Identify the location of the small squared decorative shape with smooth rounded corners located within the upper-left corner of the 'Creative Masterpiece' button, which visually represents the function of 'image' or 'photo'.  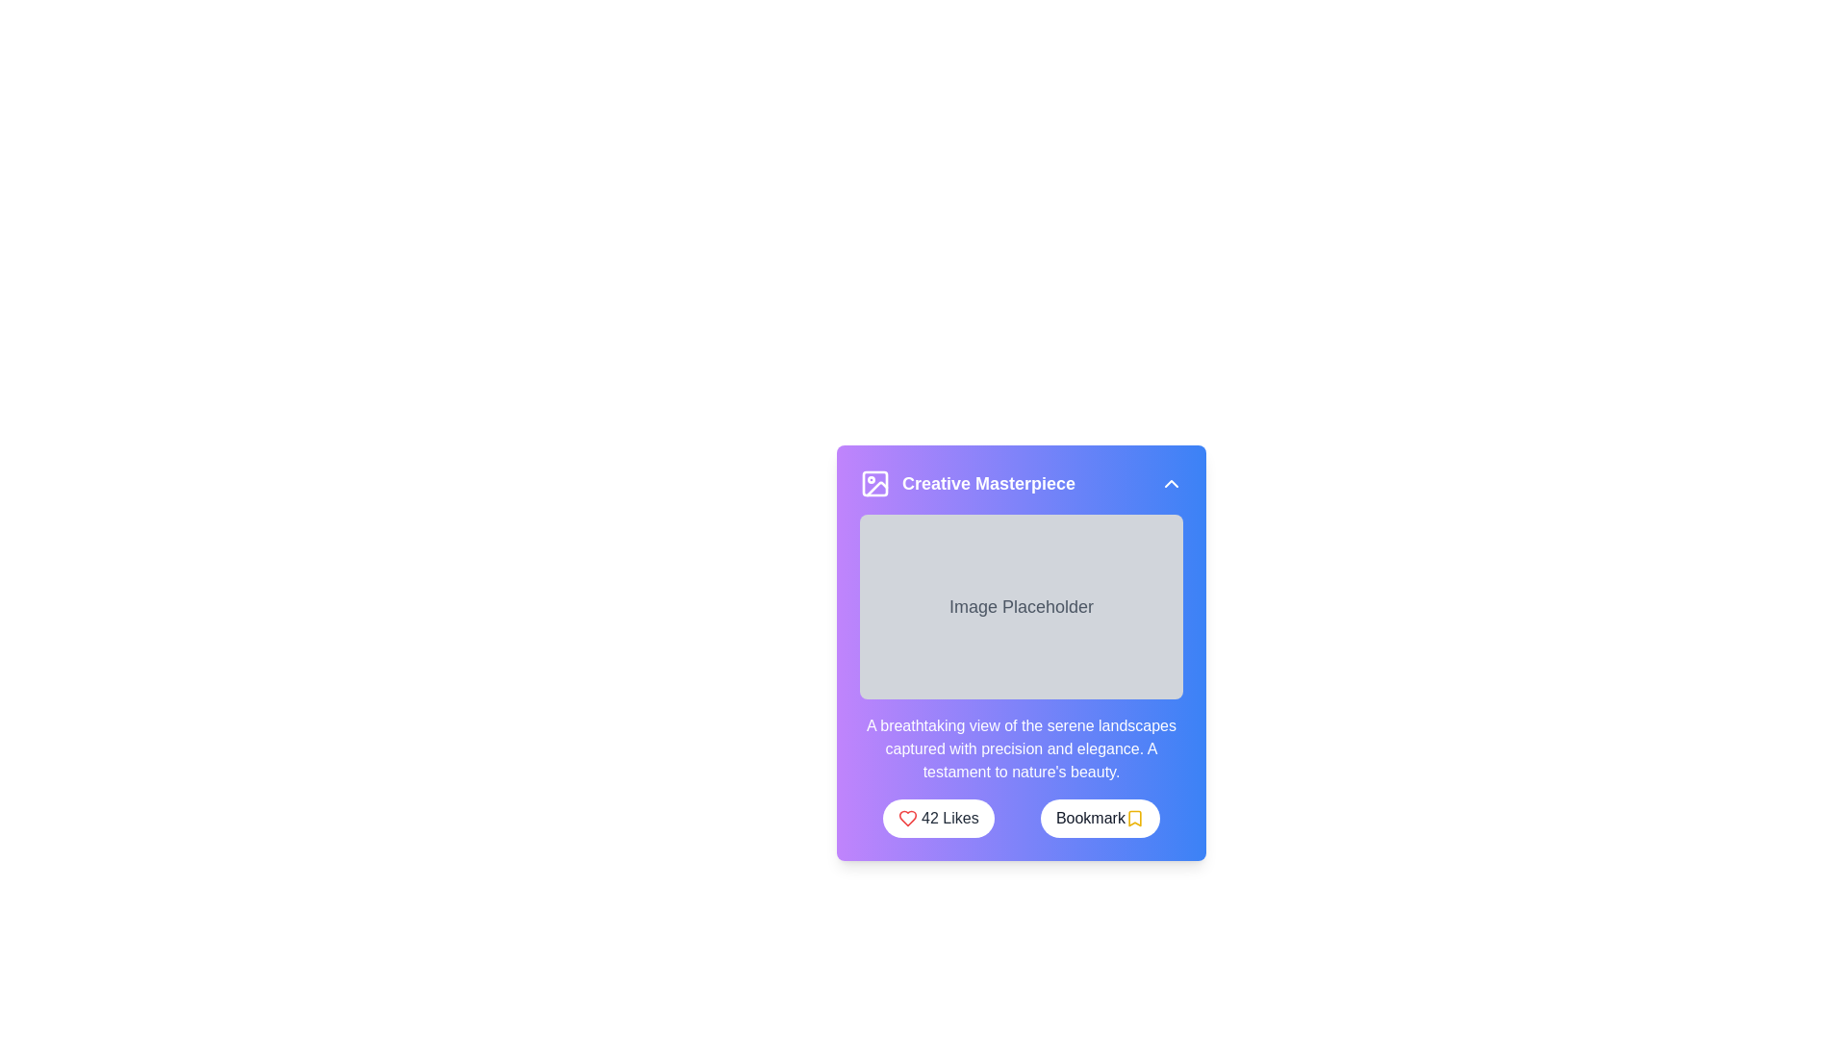
(874, 482).